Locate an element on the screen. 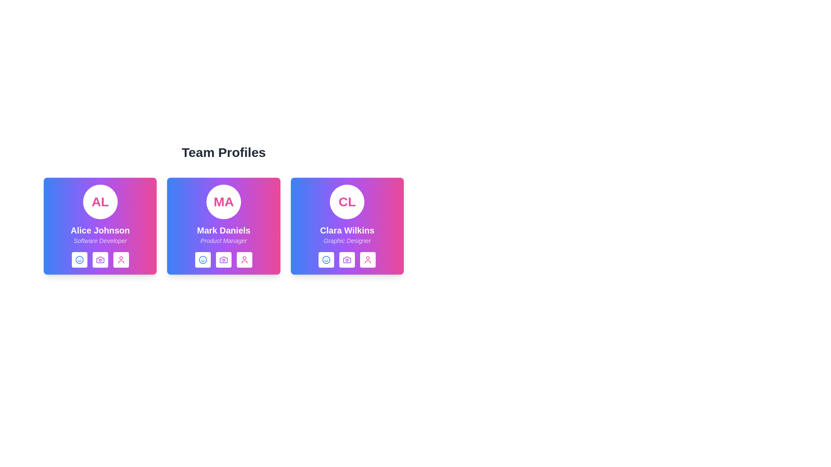  the camera icon button located at the center of the button section in the profile card for 'Clara Wilkins' is located at coordinates (347, 259).